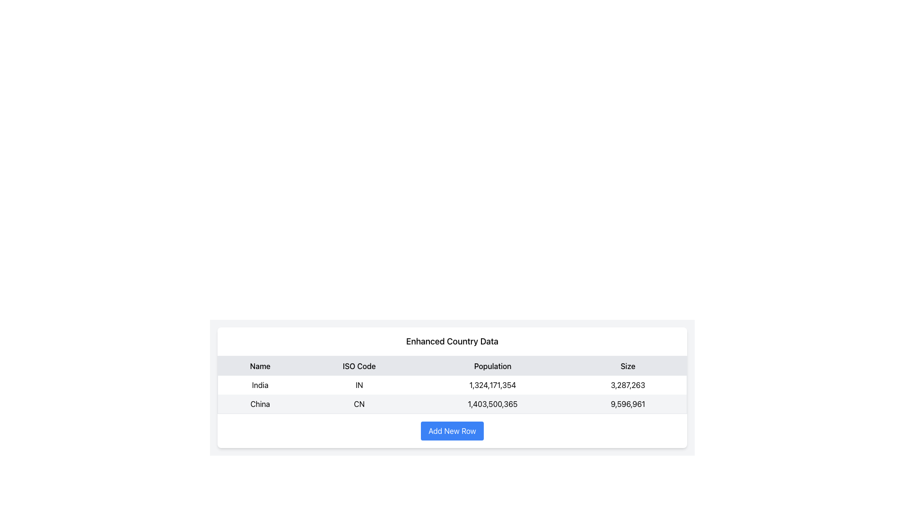 This screenshot has height=511, width=908. Describe the element at coordinates (452, 365) in the screenshot. I see `the TableHeaderRow, which is the first row of the table under the title 'Enhanced Country Data'` at that location.